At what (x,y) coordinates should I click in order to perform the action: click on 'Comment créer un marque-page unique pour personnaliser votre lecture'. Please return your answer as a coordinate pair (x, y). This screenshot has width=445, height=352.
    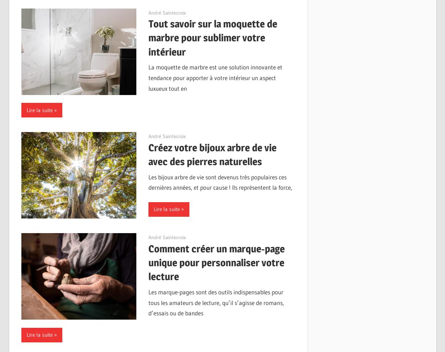
    Looking at the image, I should click on (216, 262).